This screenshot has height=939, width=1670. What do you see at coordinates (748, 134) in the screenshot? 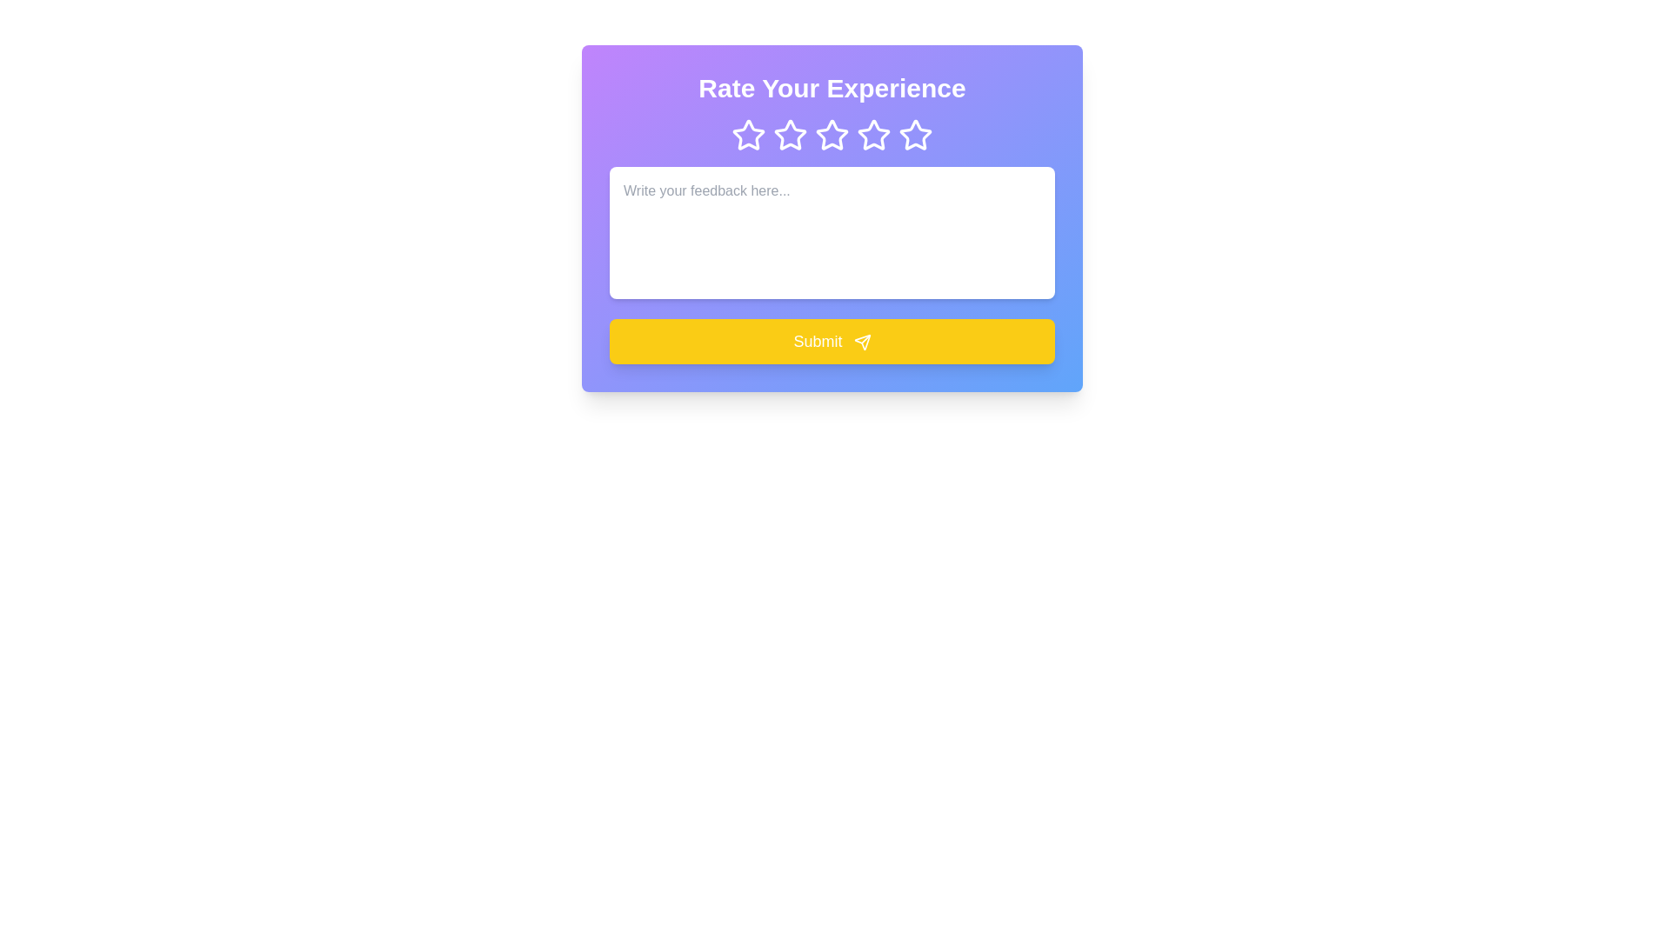
I see `the first rating star in the horizontal array to assign a 1-star rating in the feedback system` at bounding box center [748, 134].